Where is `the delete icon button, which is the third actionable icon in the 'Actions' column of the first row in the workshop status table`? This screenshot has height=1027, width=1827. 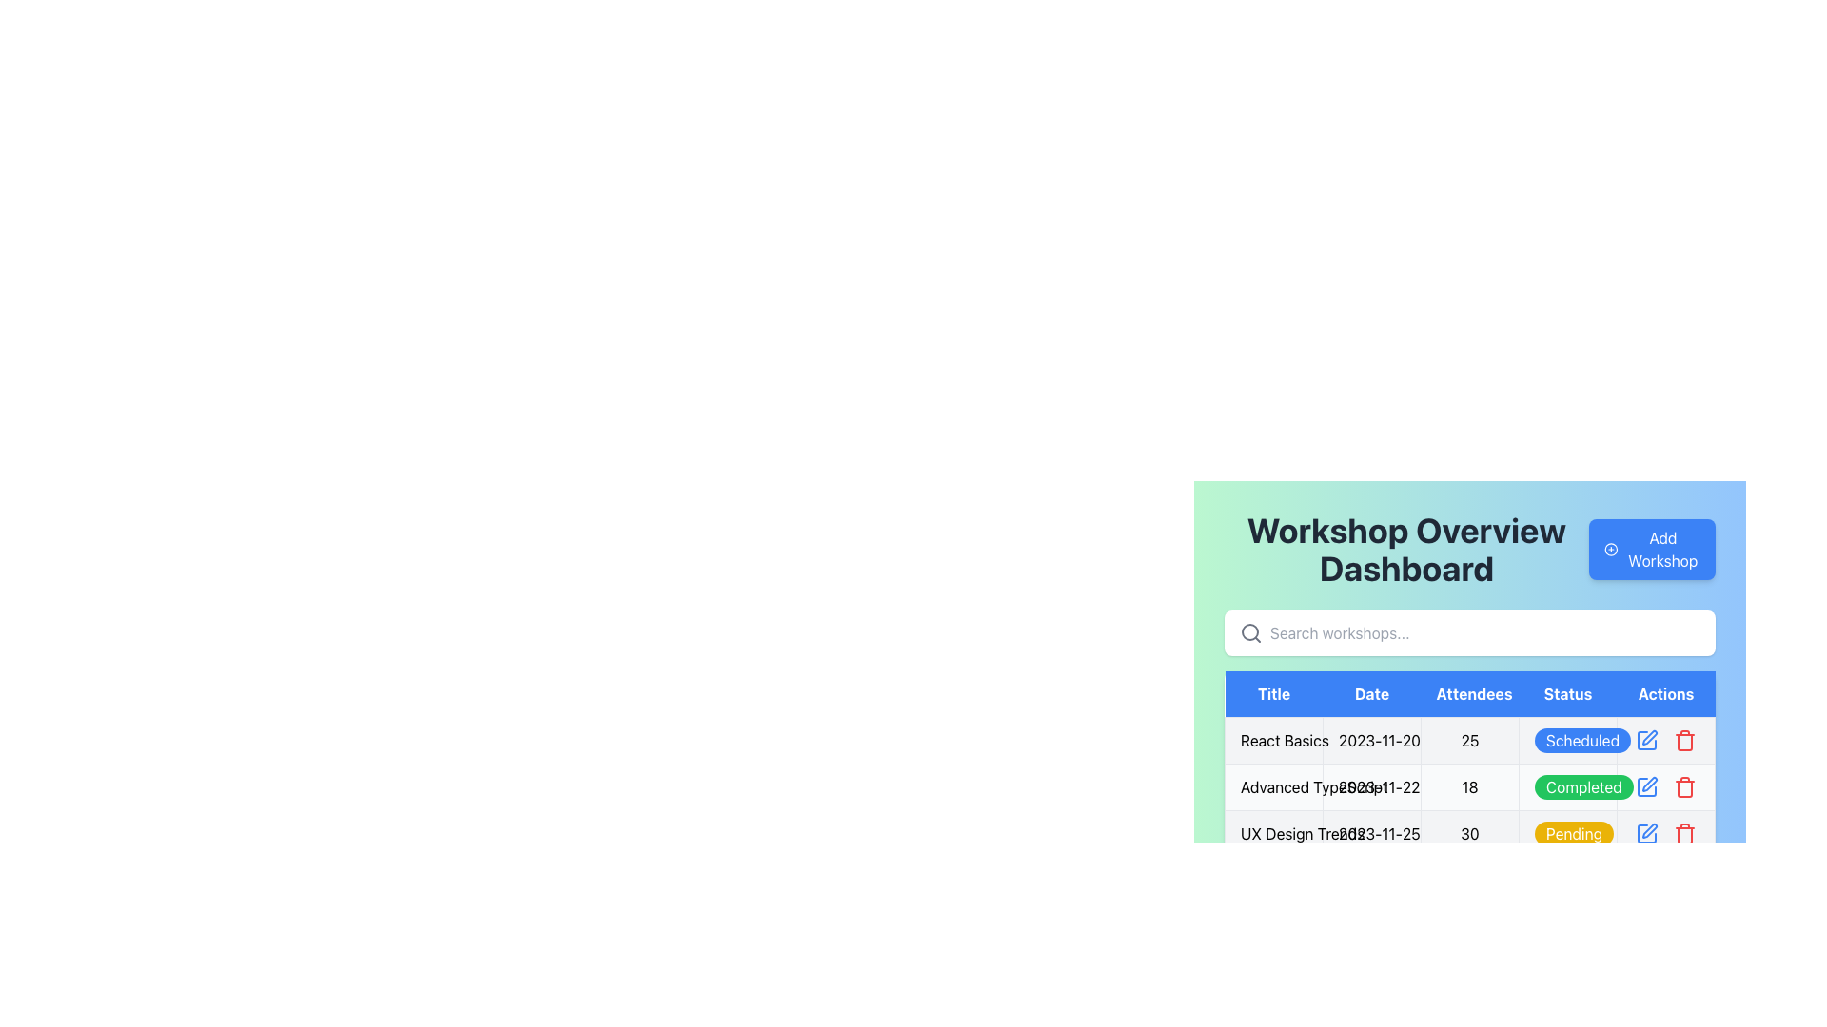
the delete icon button, which is the third actionable icon in the 'Actions' column of the first row in the workshop status table is located at coordinates (1685, 740).